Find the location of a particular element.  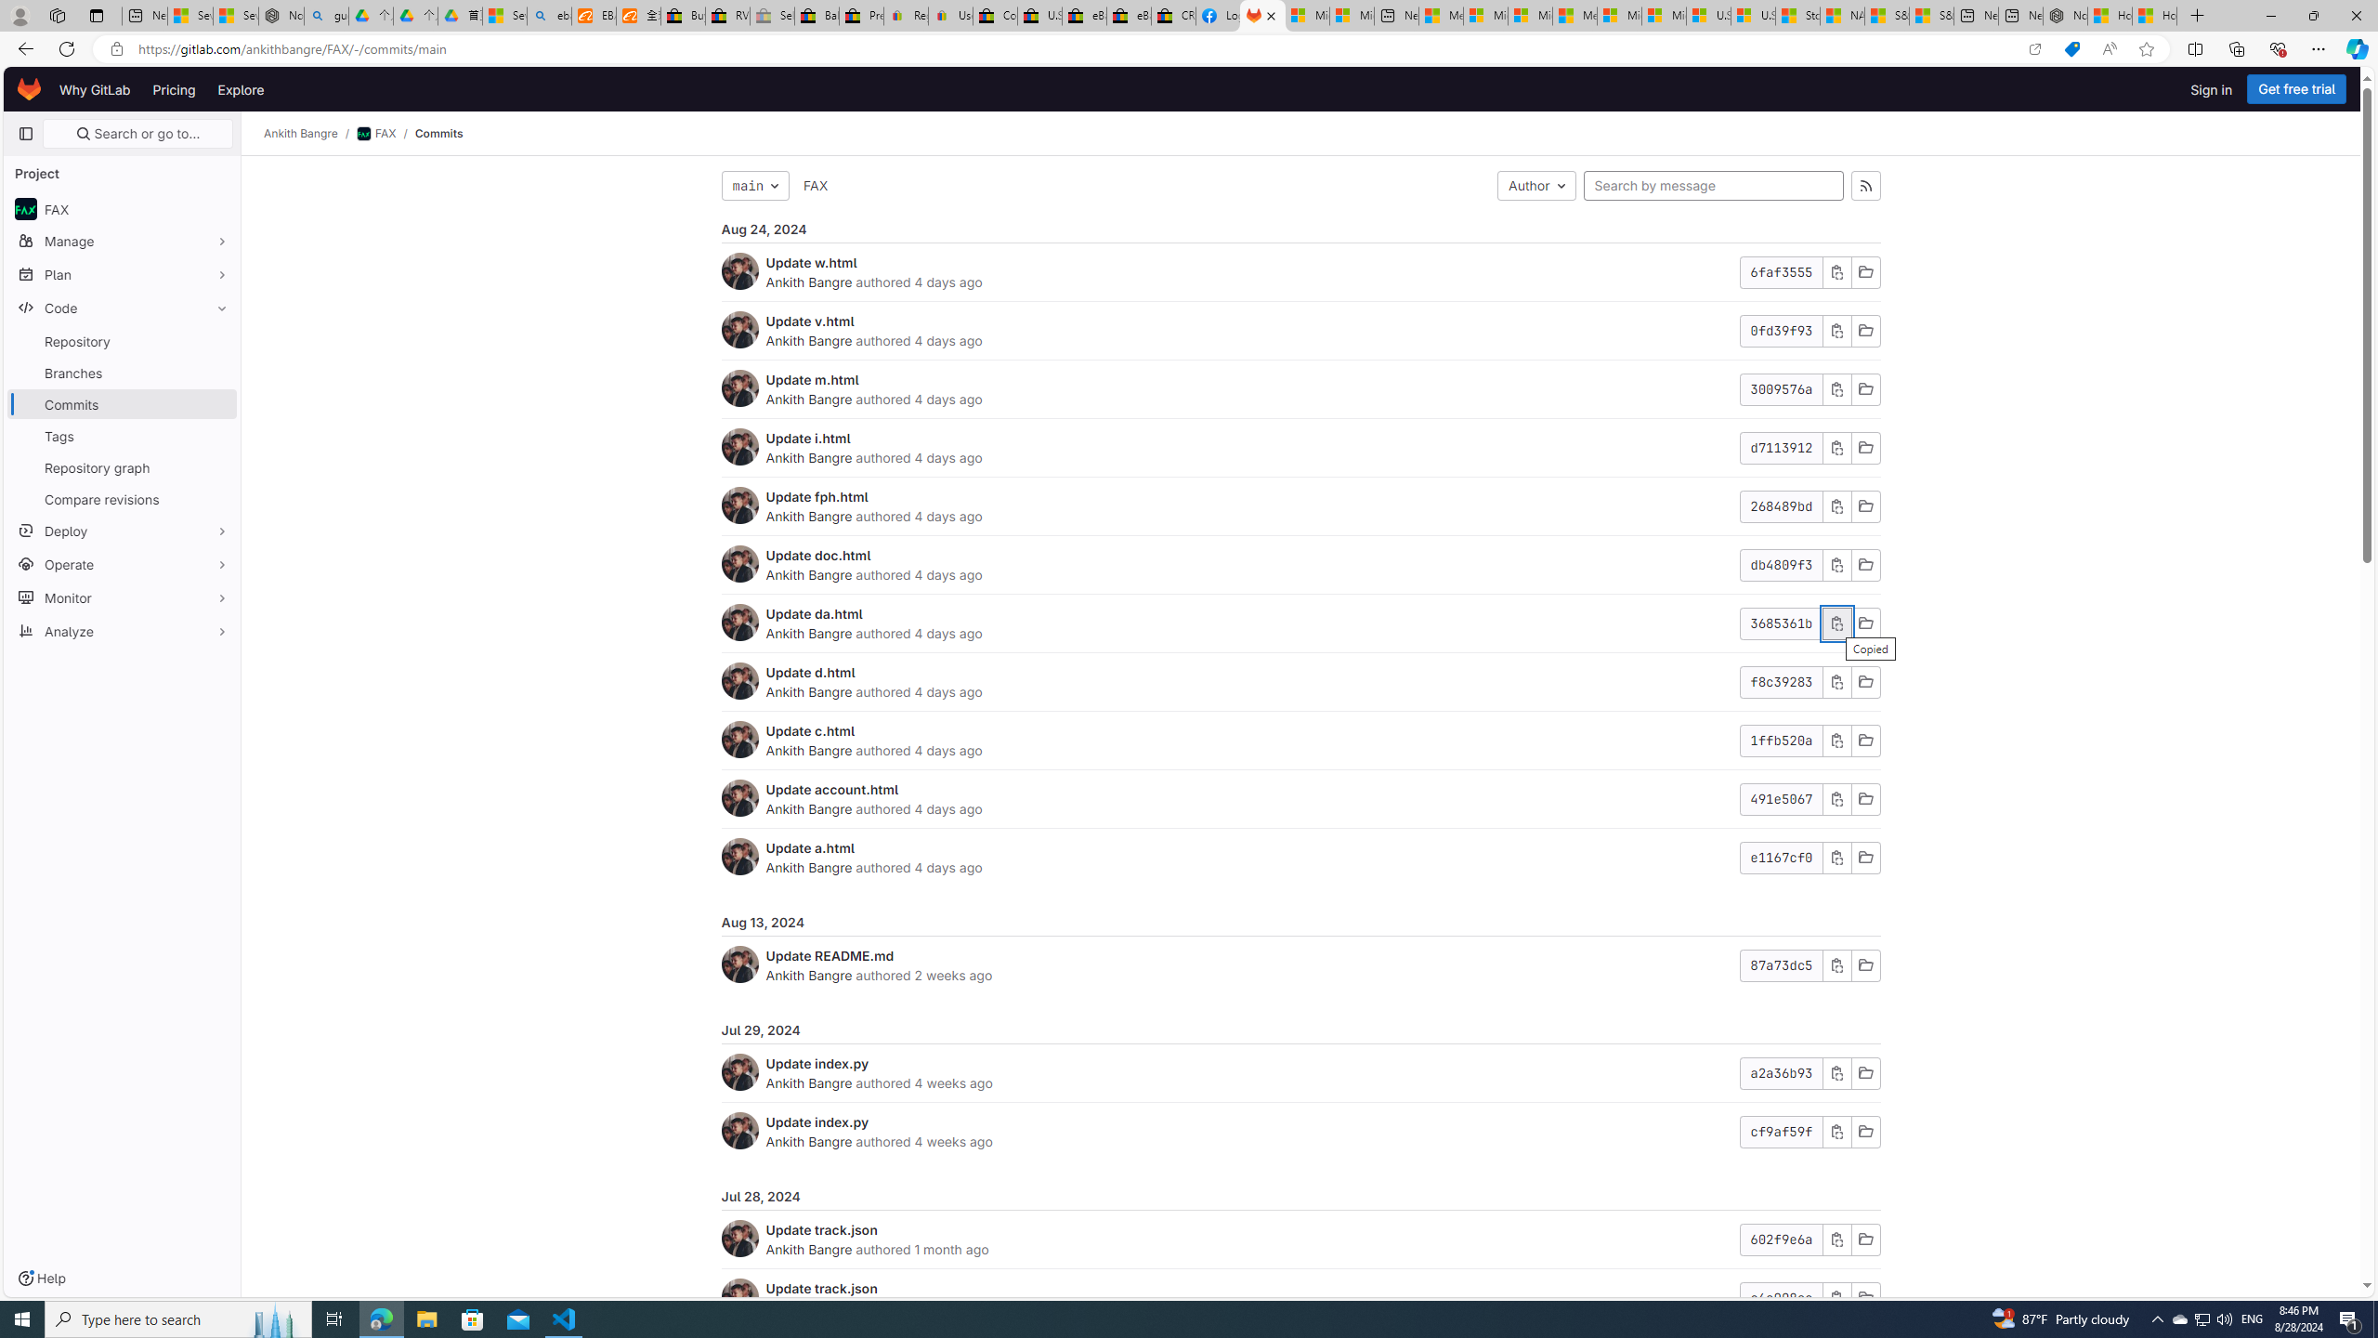

'Sign in' is located at coordinates (2211, 88).